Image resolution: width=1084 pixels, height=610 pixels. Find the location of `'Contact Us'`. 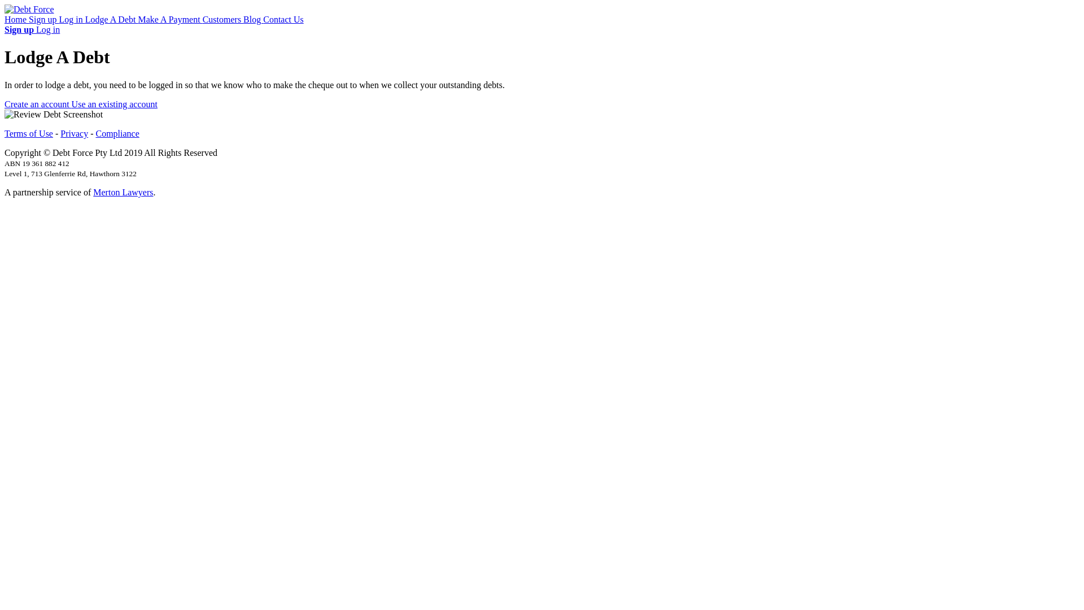

'Contact Us' is located at coordinates (262, 19).